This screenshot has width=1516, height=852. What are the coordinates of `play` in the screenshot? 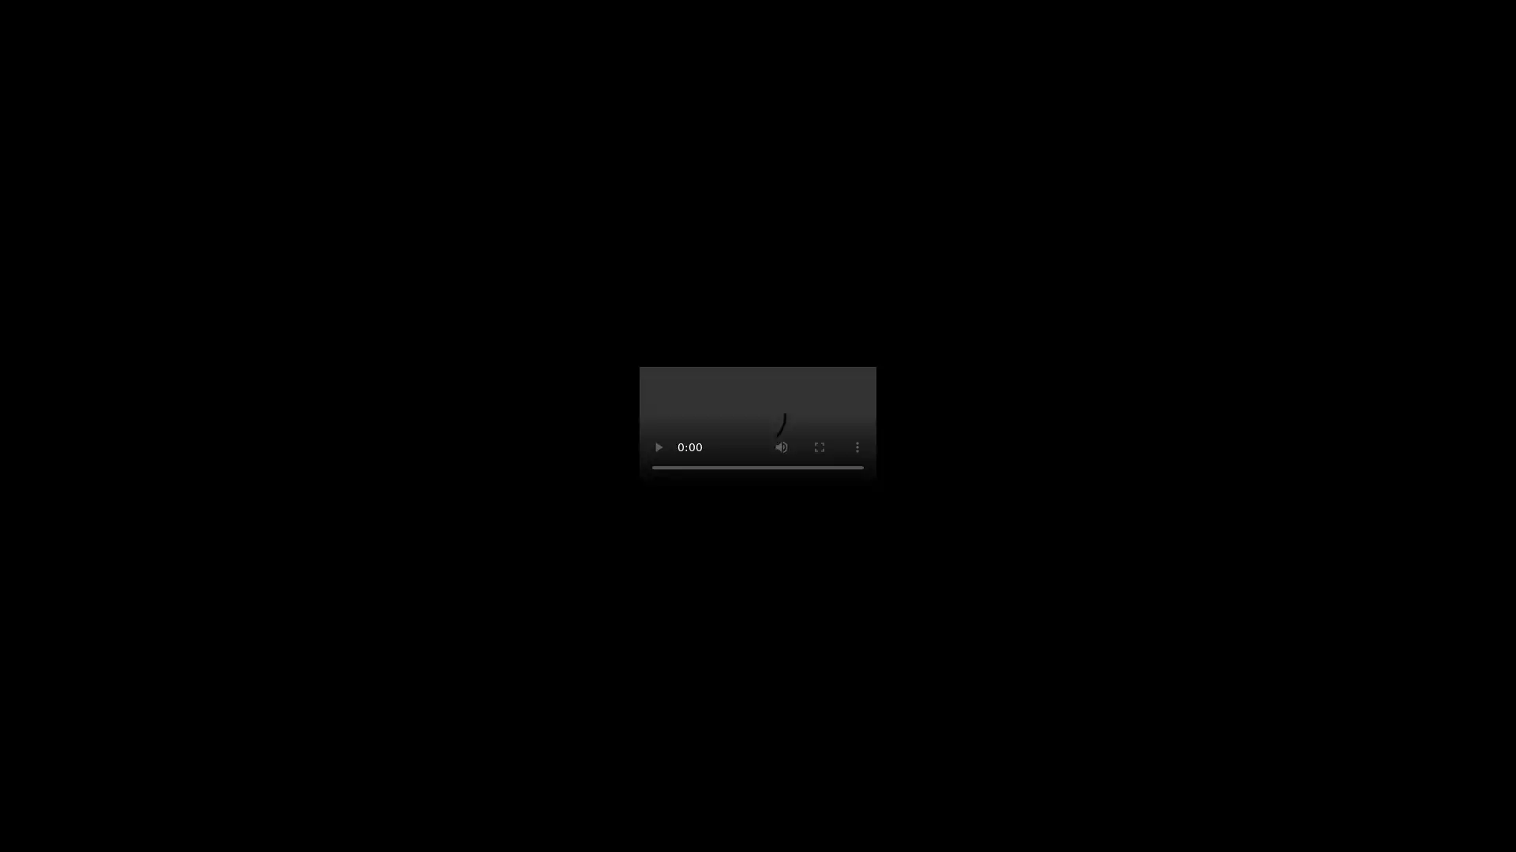 It's located at (659, 447).